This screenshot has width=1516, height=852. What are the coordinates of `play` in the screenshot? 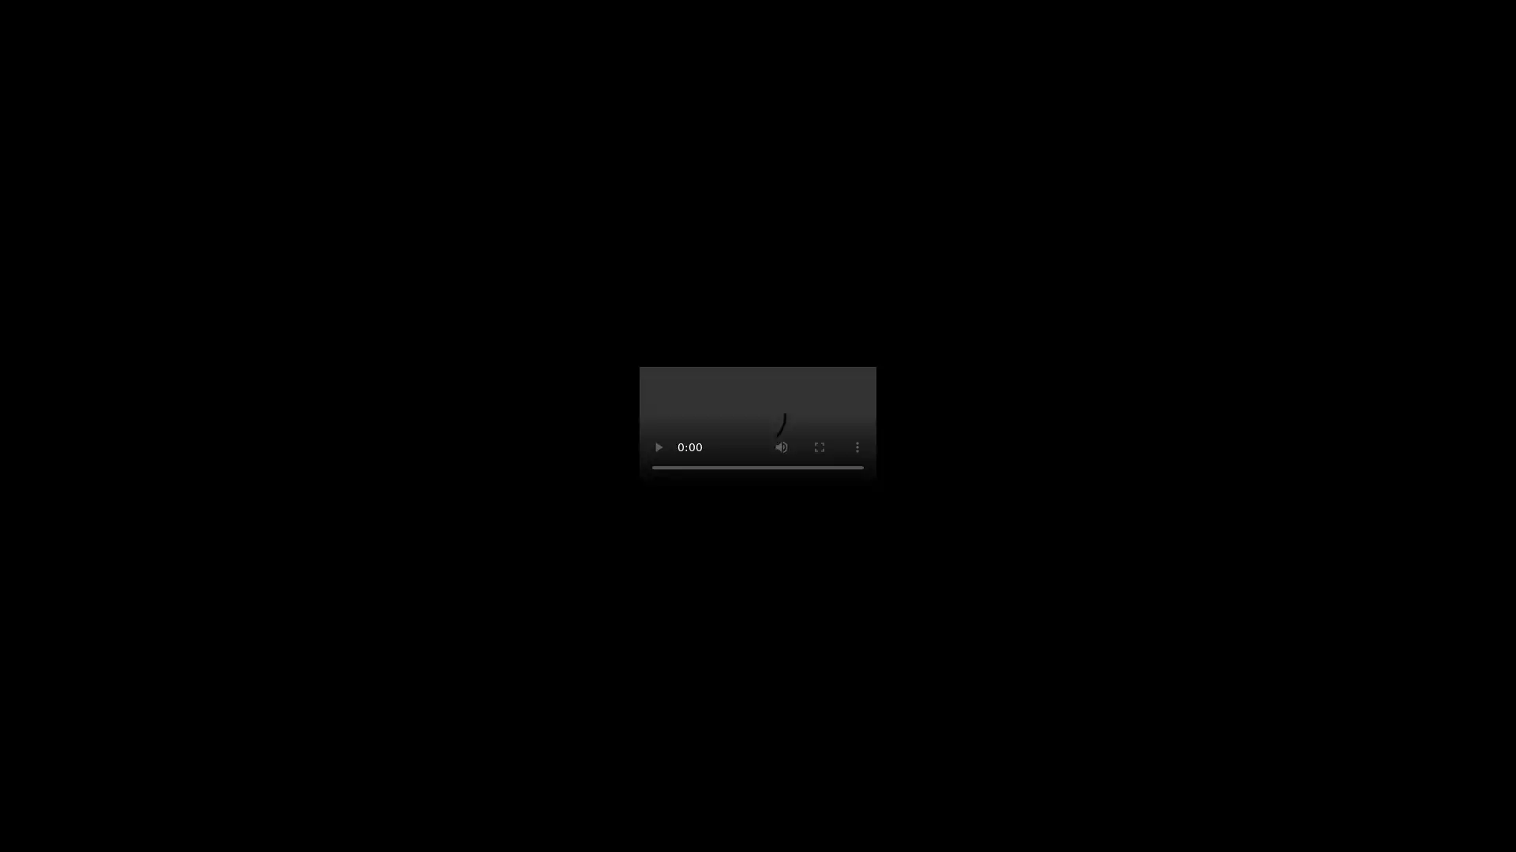 It's located at (659, 447).